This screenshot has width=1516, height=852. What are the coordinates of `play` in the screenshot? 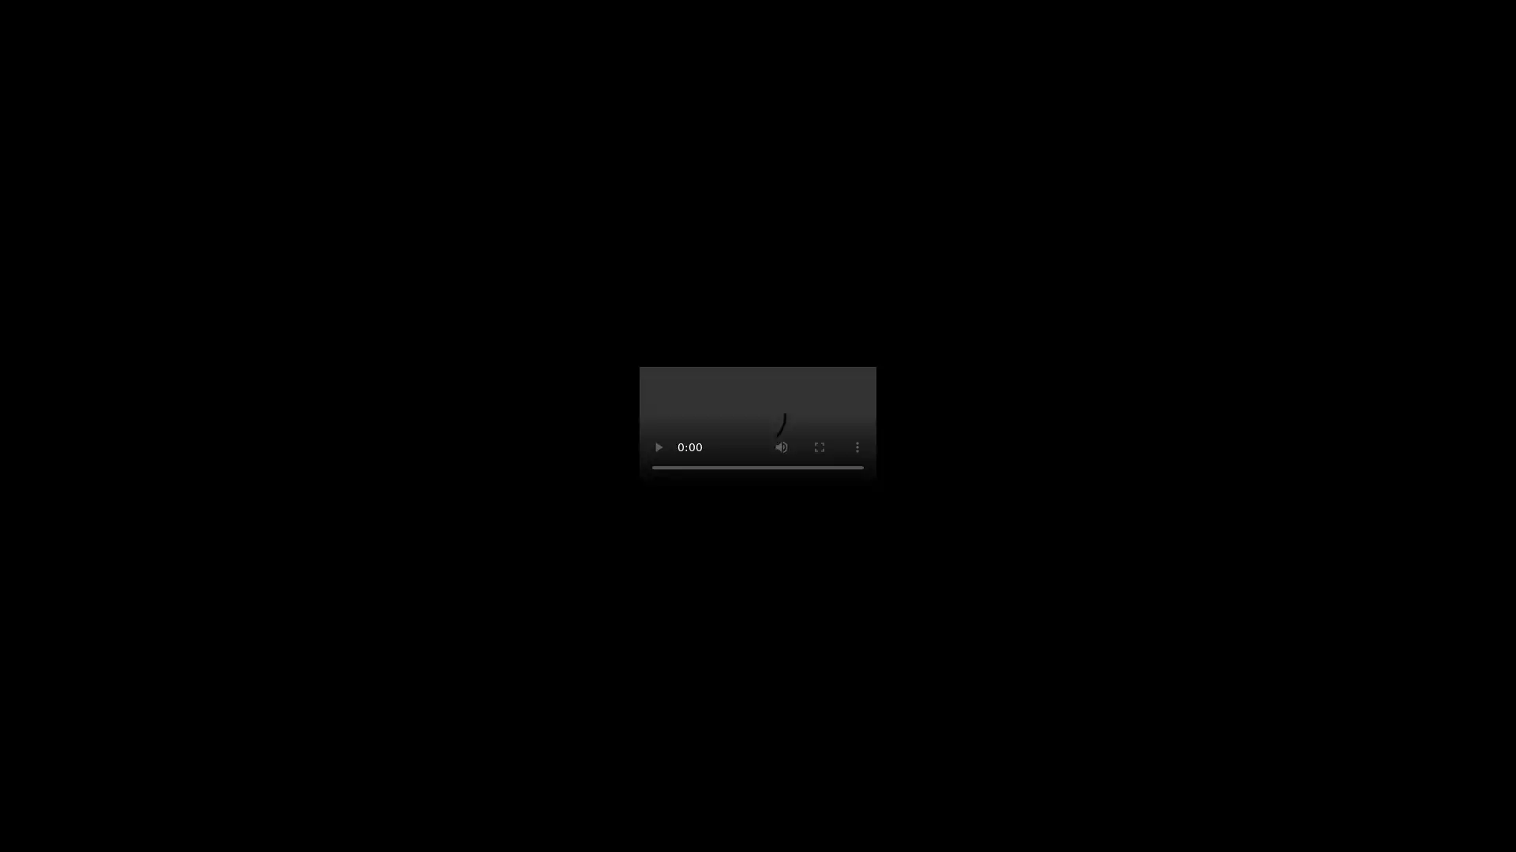 It's located at (659, 447).